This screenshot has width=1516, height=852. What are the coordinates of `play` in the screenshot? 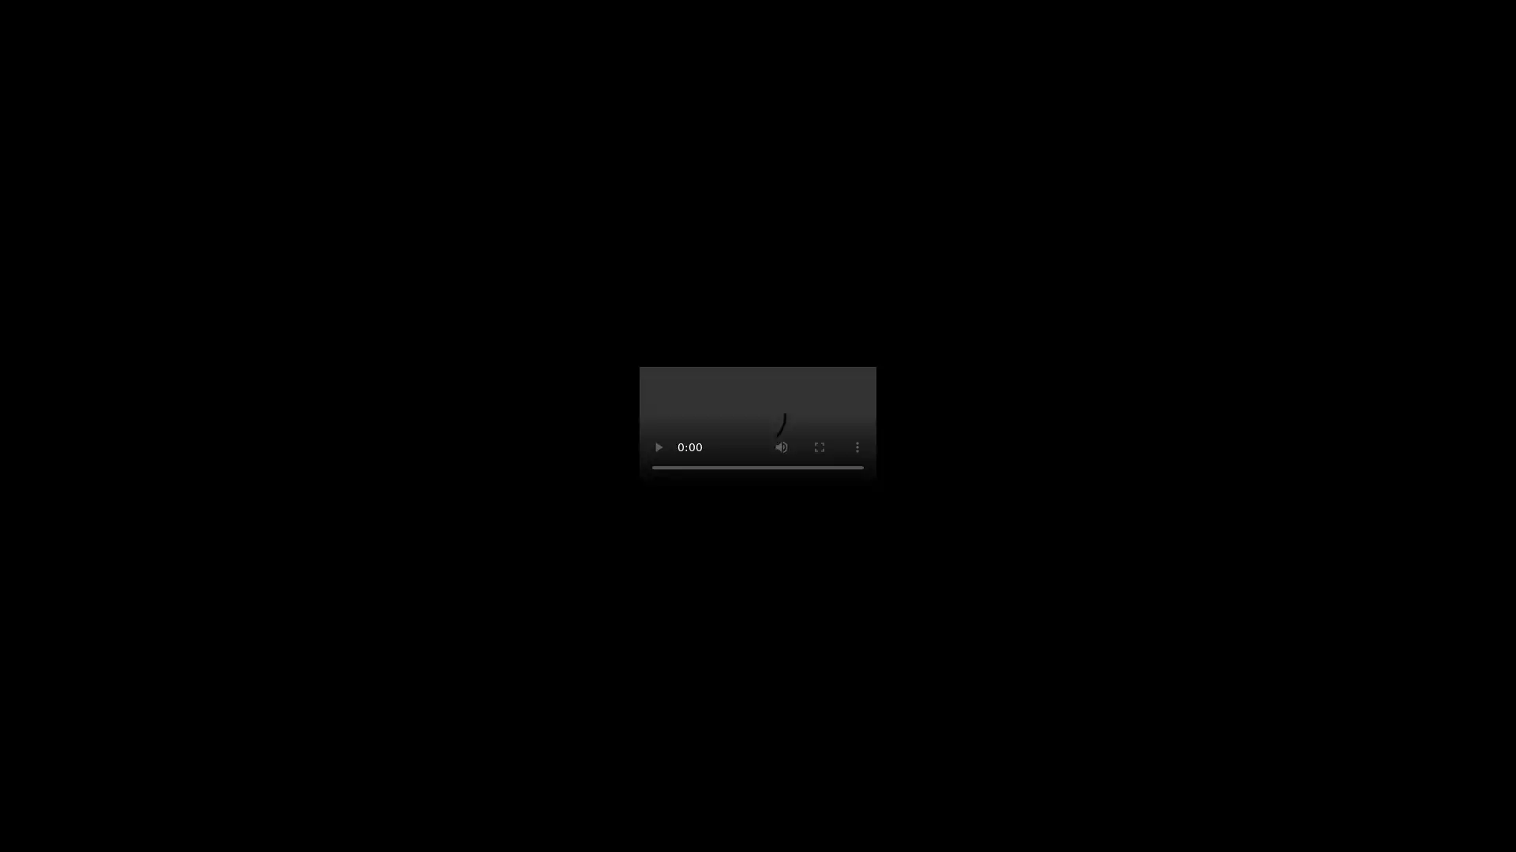 It's located at (659, 447).